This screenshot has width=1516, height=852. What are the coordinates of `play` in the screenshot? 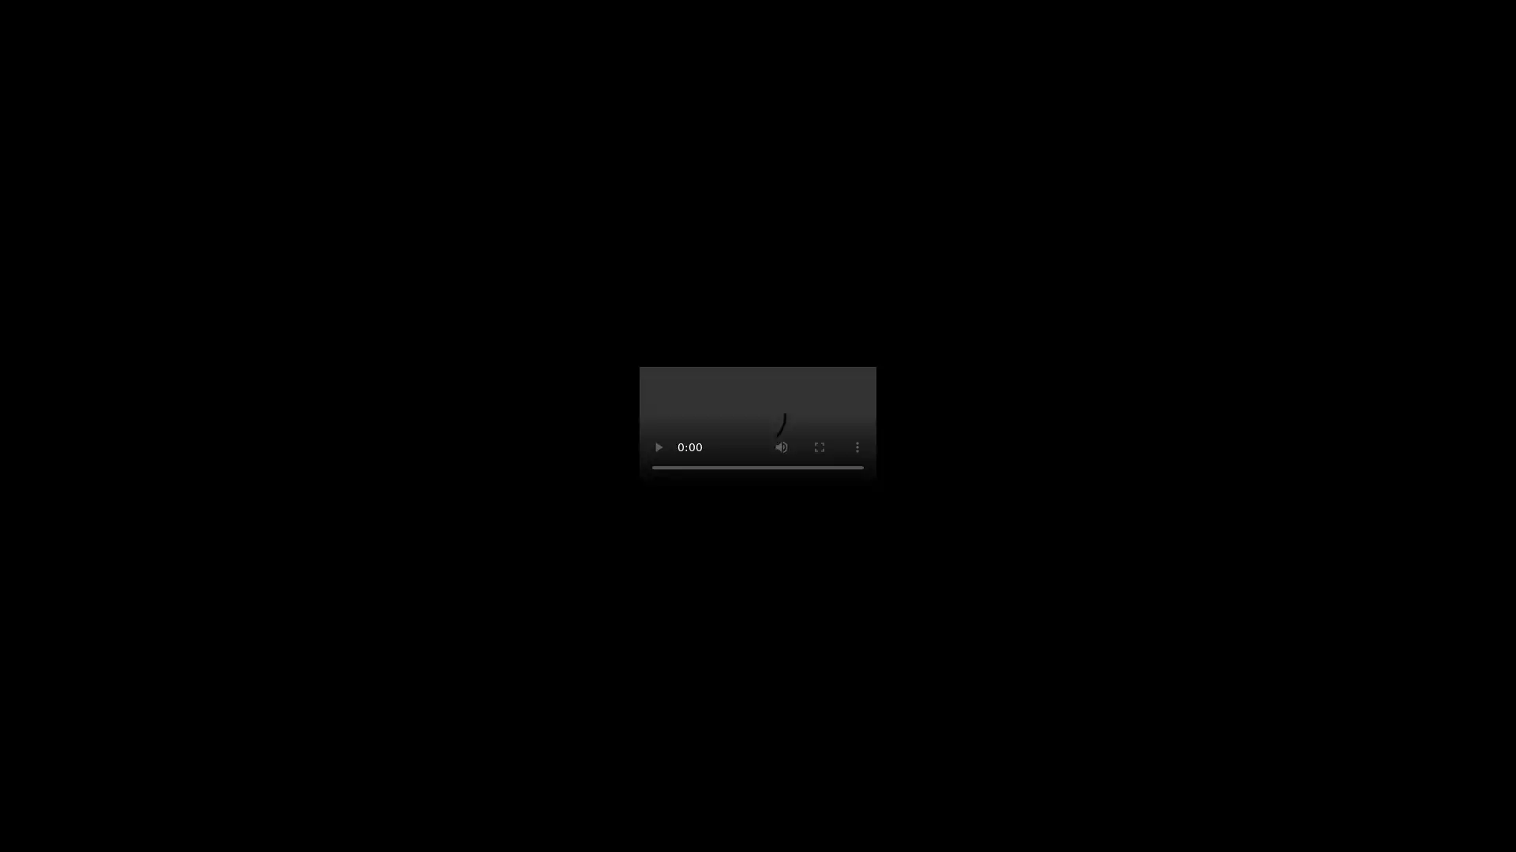 It's located at (659, 447).